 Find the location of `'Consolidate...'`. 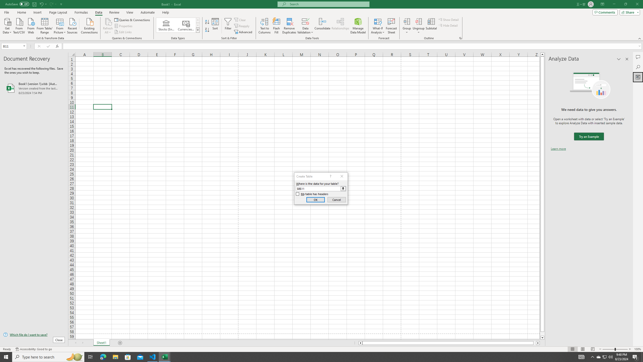

'Consolidate...' is located at coordinates (322, 26).